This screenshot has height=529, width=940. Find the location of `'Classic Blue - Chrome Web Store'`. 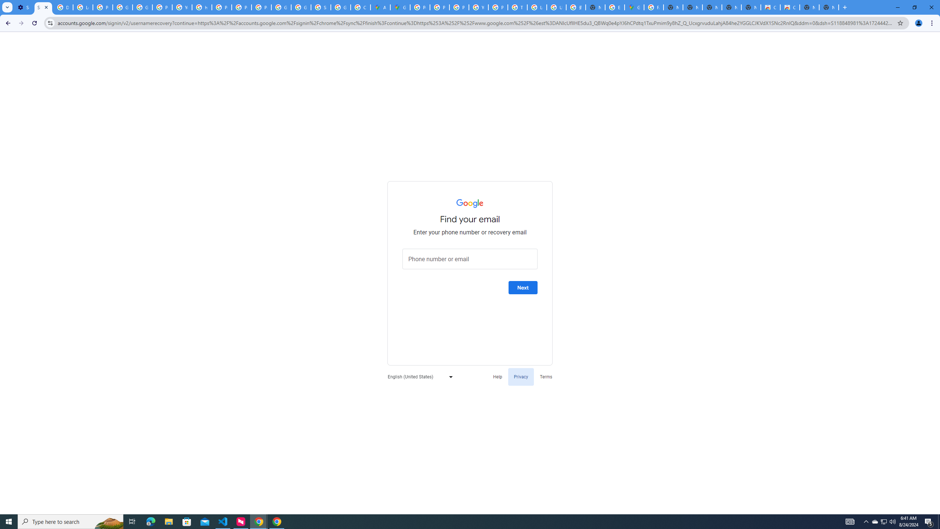

'Classic Blue - Chrome Web Store' is located at coordinates (771, 7).